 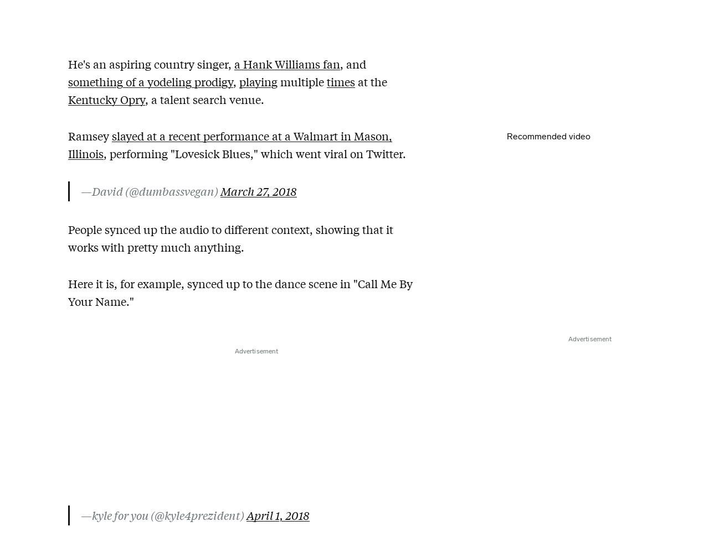 What do you see at coordinates (287, 63) in the screenshot?
I see `'a Hank Williams fan'` at bounding box center [287, 63].